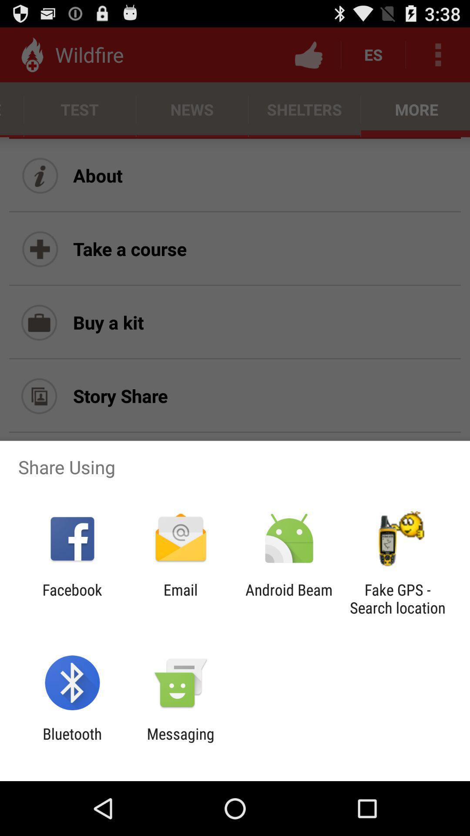 This screenshot has height=836, width=470. Describe the element at coordinates (289, 598) in the screenshot. I see `the item to the right of the email` at that location.